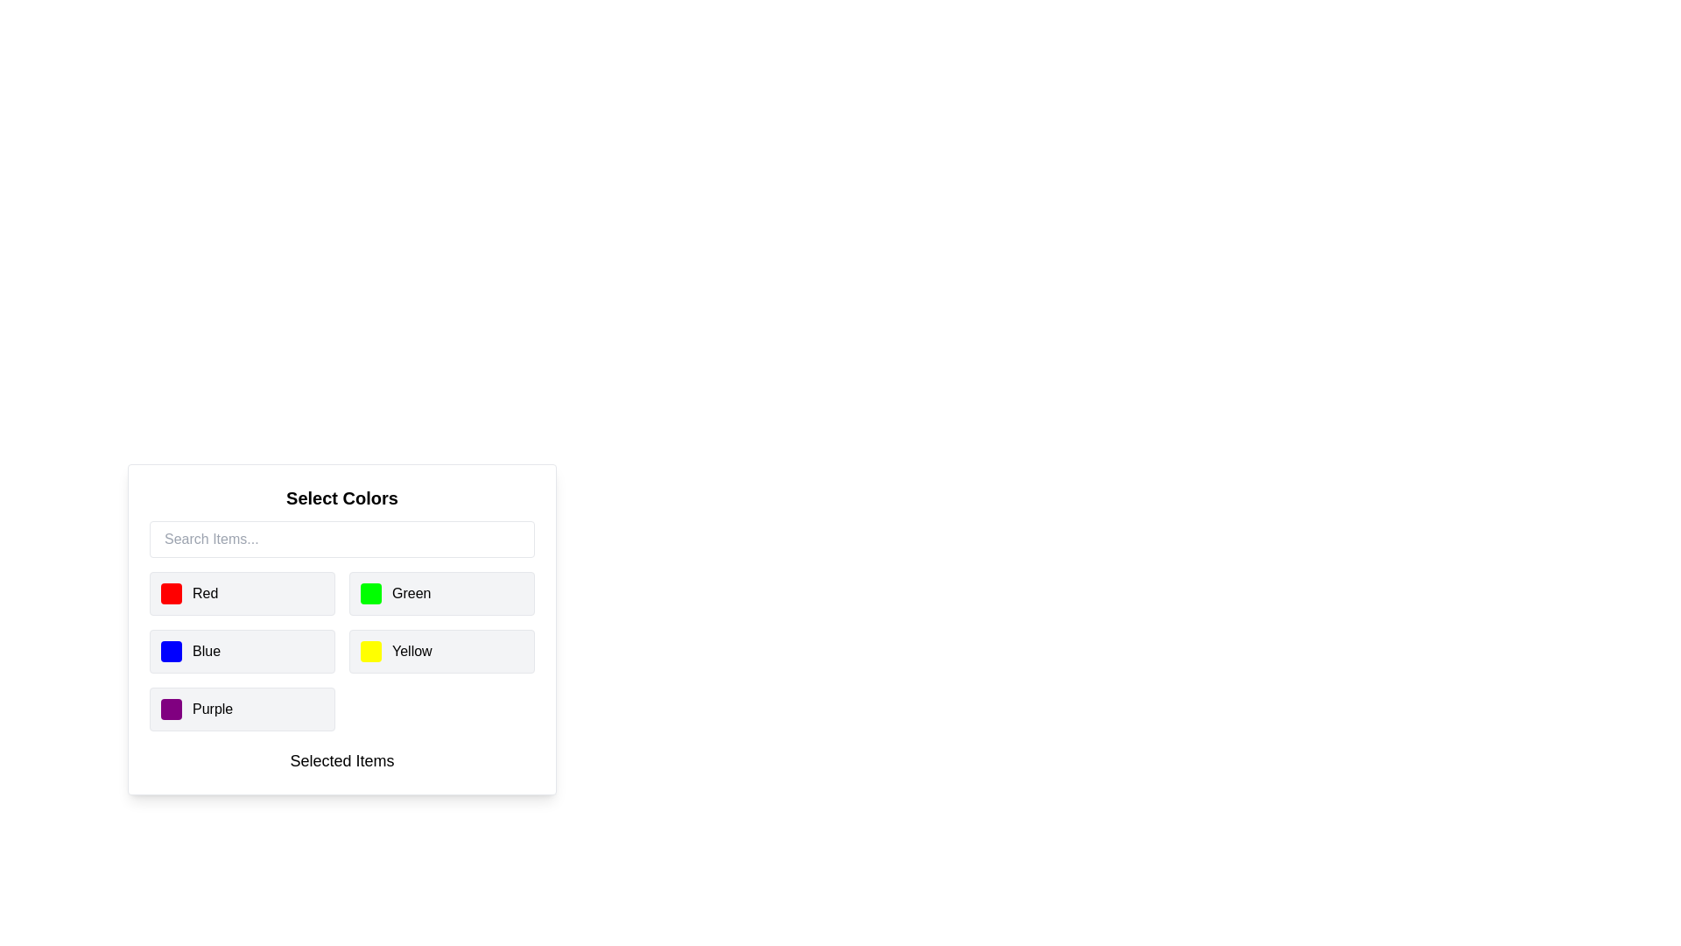  What do you see at coordinates (242, 593) in the screenshot?
I see `the color selection option labeled 'Red'` at bounding box center [242, 593].